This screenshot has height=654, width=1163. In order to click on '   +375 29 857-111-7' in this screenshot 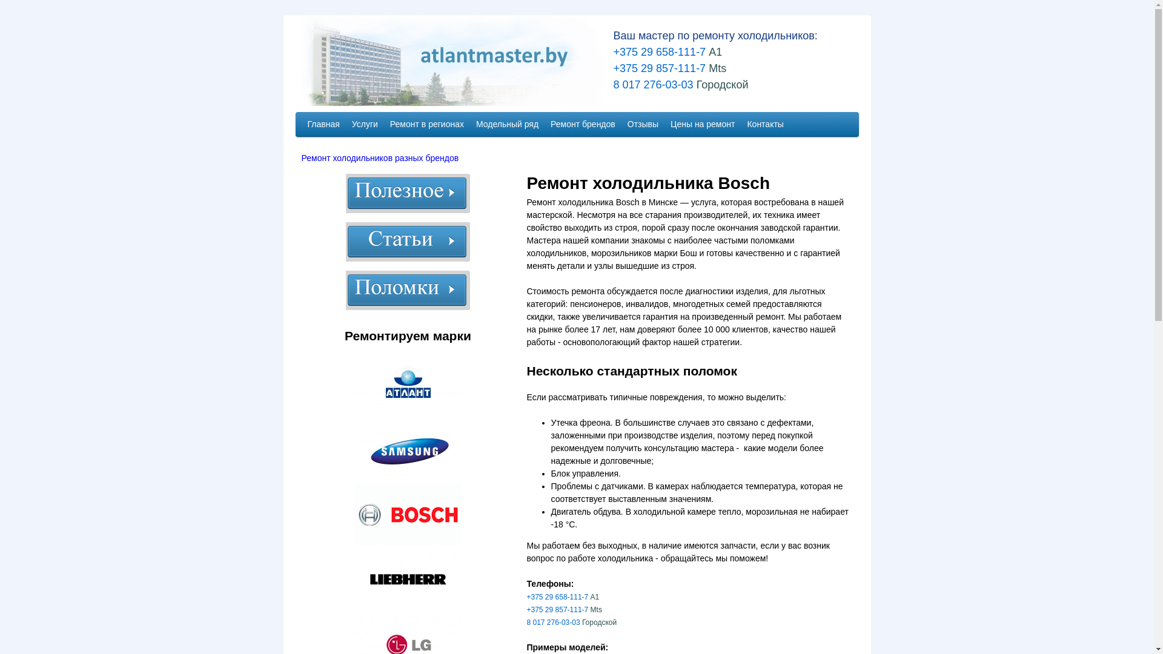, I will do `click(654, 68)`.